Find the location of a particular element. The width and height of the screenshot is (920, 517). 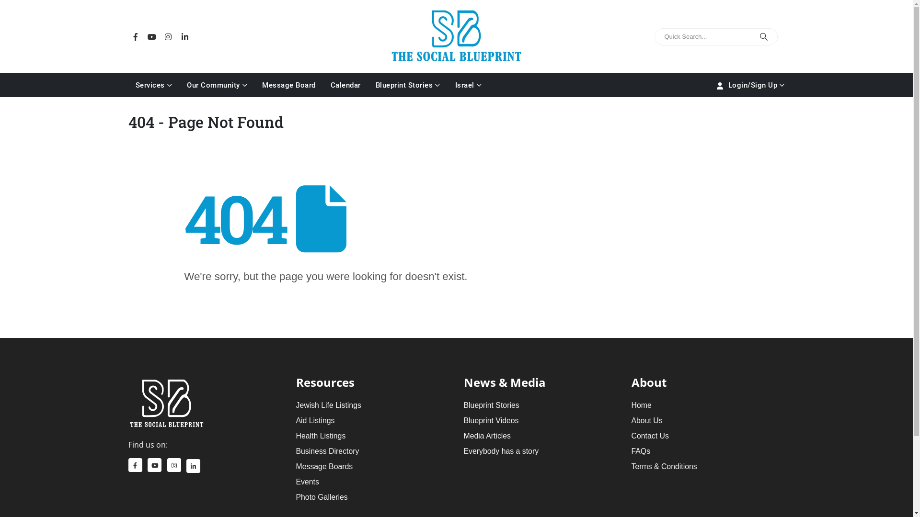

'Message Board' is located at coordinates (288, 84).